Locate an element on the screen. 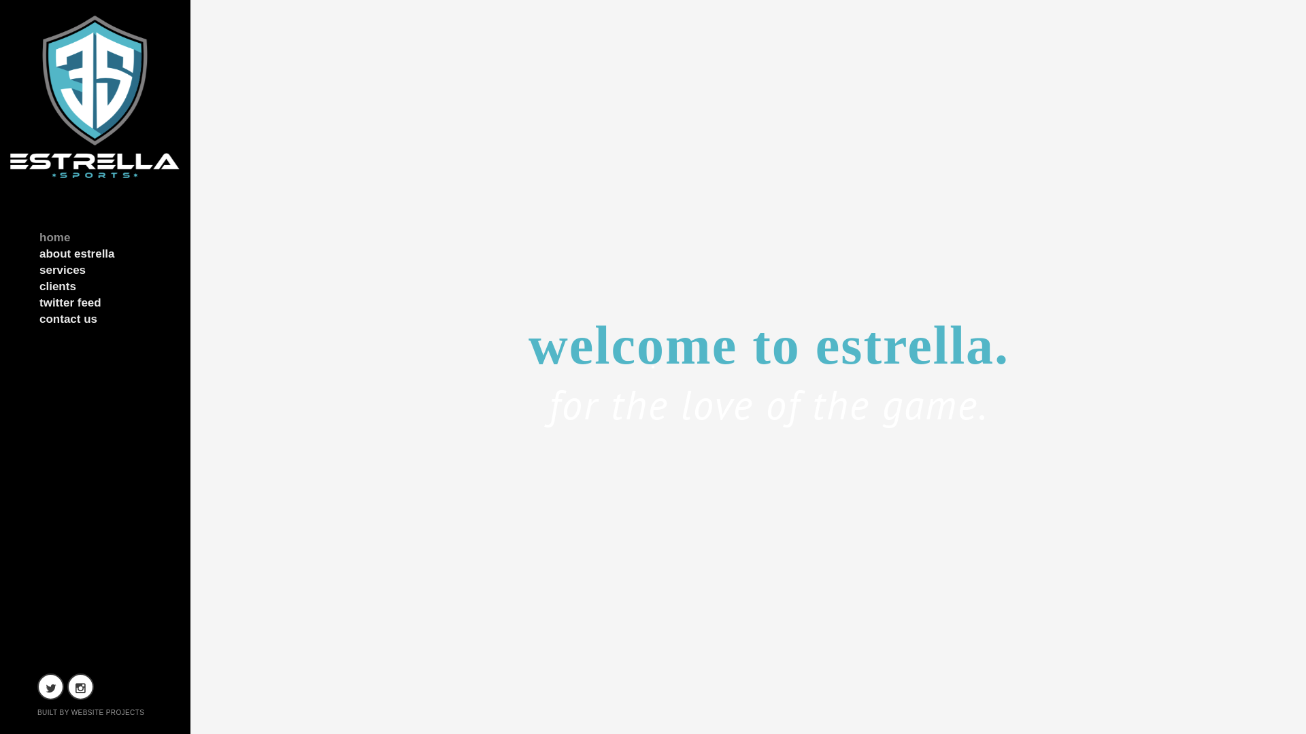  'home' is located at coordinates (95, 240).